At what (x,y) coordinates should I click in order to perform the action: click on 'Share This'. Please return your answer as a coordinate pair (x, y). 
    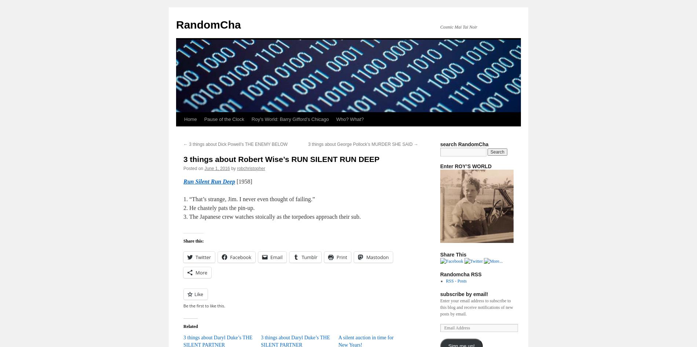
    Looking at the image, I should click on (453, 254).